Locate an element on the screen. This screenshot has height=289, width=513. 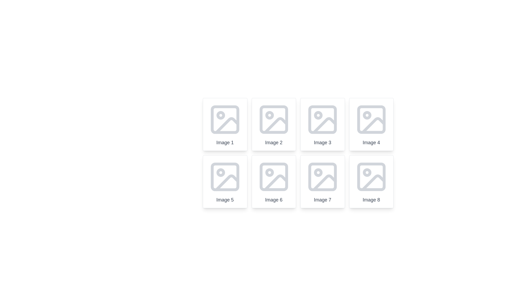
the Text Label that serves as a caption for the image labeled 'Image 7' in the seventh card of the grid layout is located at coordinates (322, 200).